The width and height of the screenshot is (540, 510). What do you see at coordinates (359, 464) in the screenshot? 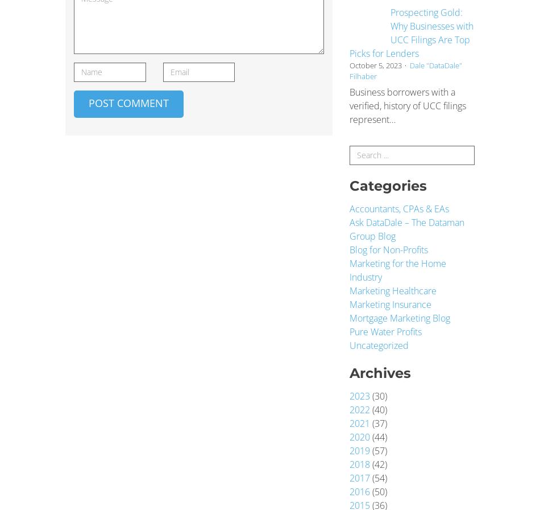
I see `'2018'` at bounding box center [359, 464].